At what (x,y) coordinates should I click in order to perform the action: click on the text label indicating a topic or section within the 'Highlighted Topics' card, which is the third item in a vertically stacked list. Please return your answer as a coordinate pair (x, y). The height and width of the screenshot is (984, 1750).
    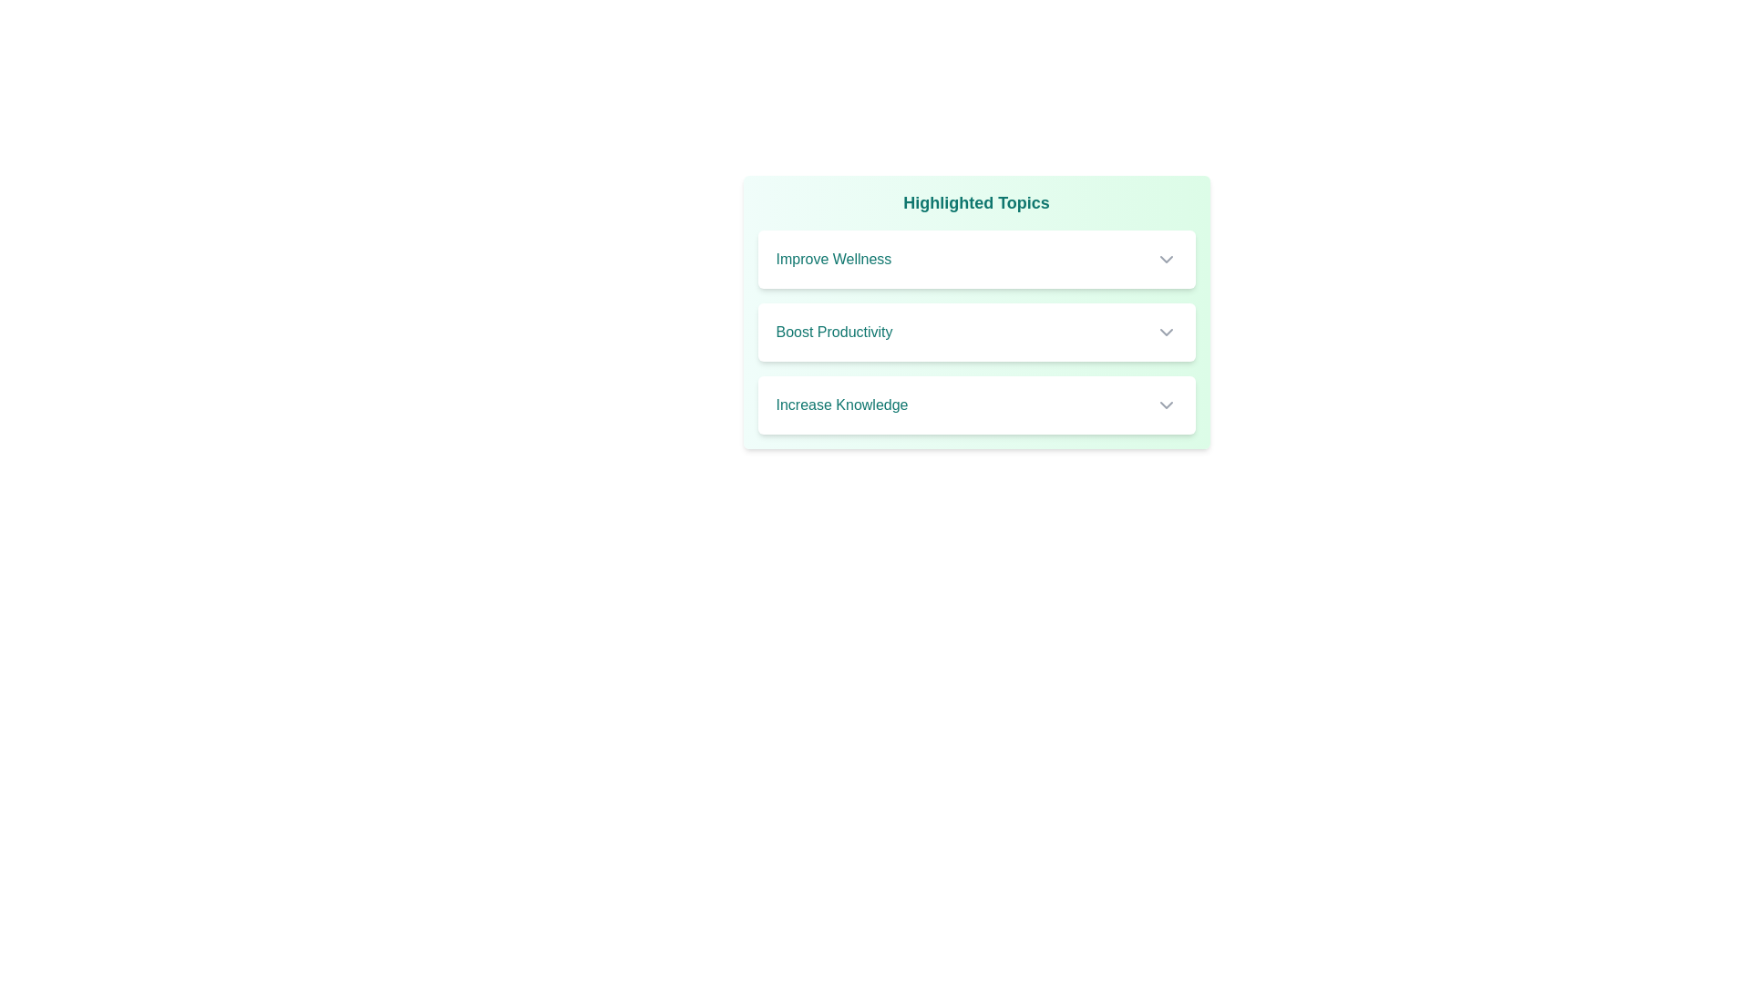
    Looking at the image, I should click on (840, 404).